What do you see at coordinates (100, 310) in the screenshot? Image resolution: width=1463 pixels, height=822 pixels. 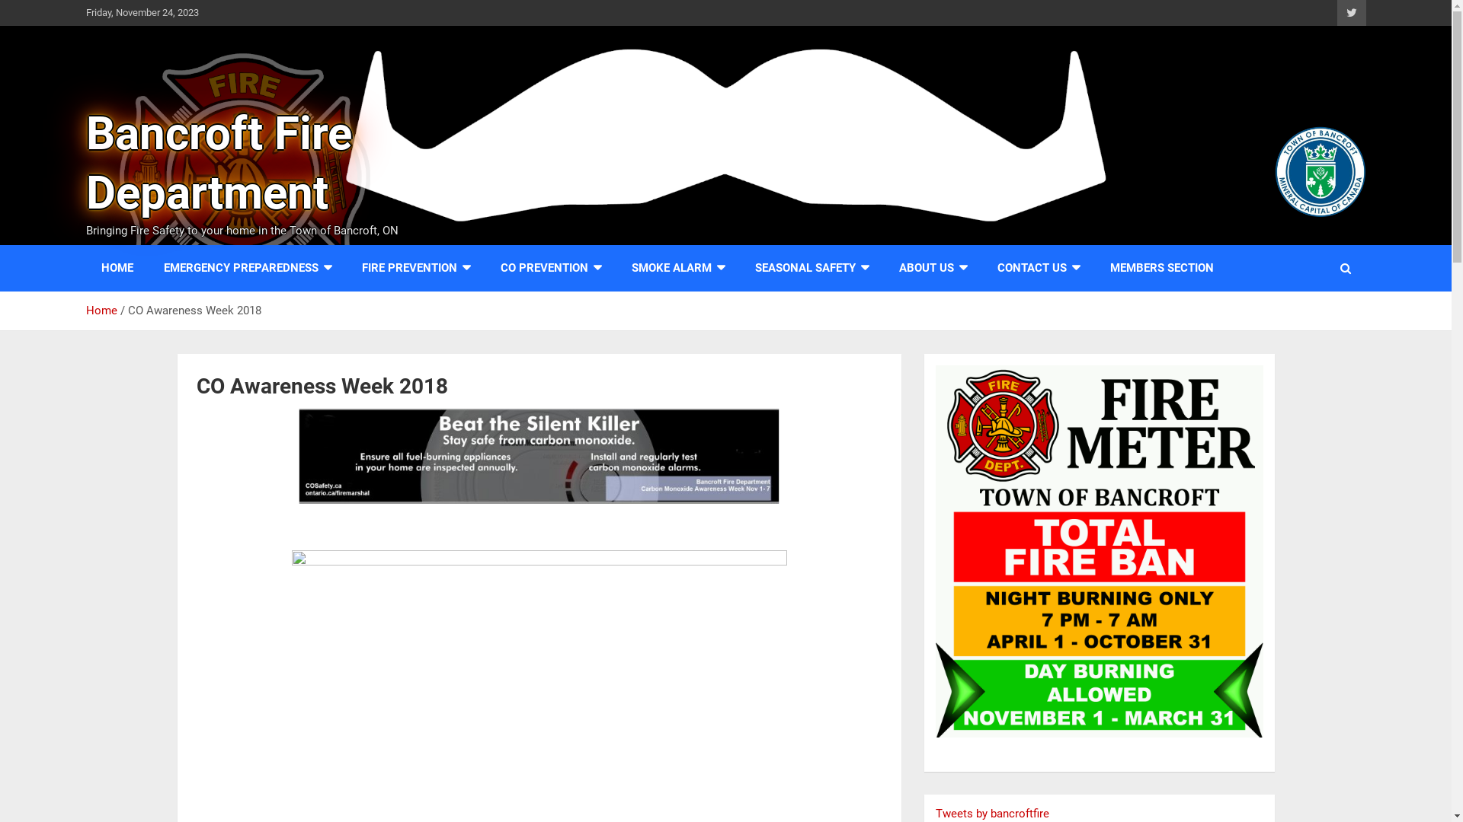 I see `'Home'` at bounding box center [100, 310].